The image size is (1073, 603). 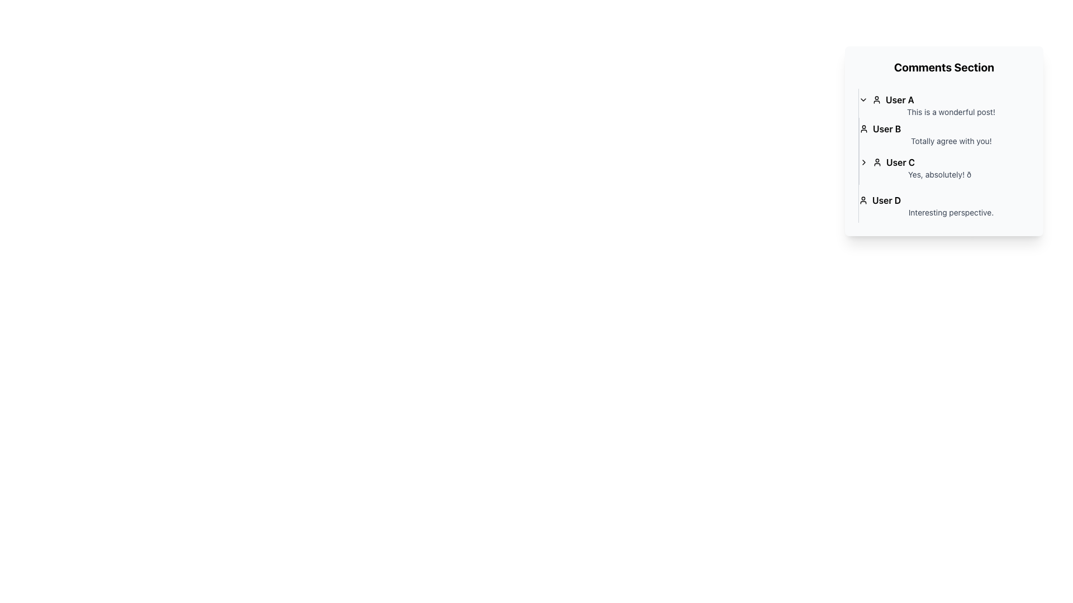 What do you see at coordinates (899, 99) in the screenshot?
I see `the username label located to the right of the user silhouette icon` at bounding box center [899, 99].